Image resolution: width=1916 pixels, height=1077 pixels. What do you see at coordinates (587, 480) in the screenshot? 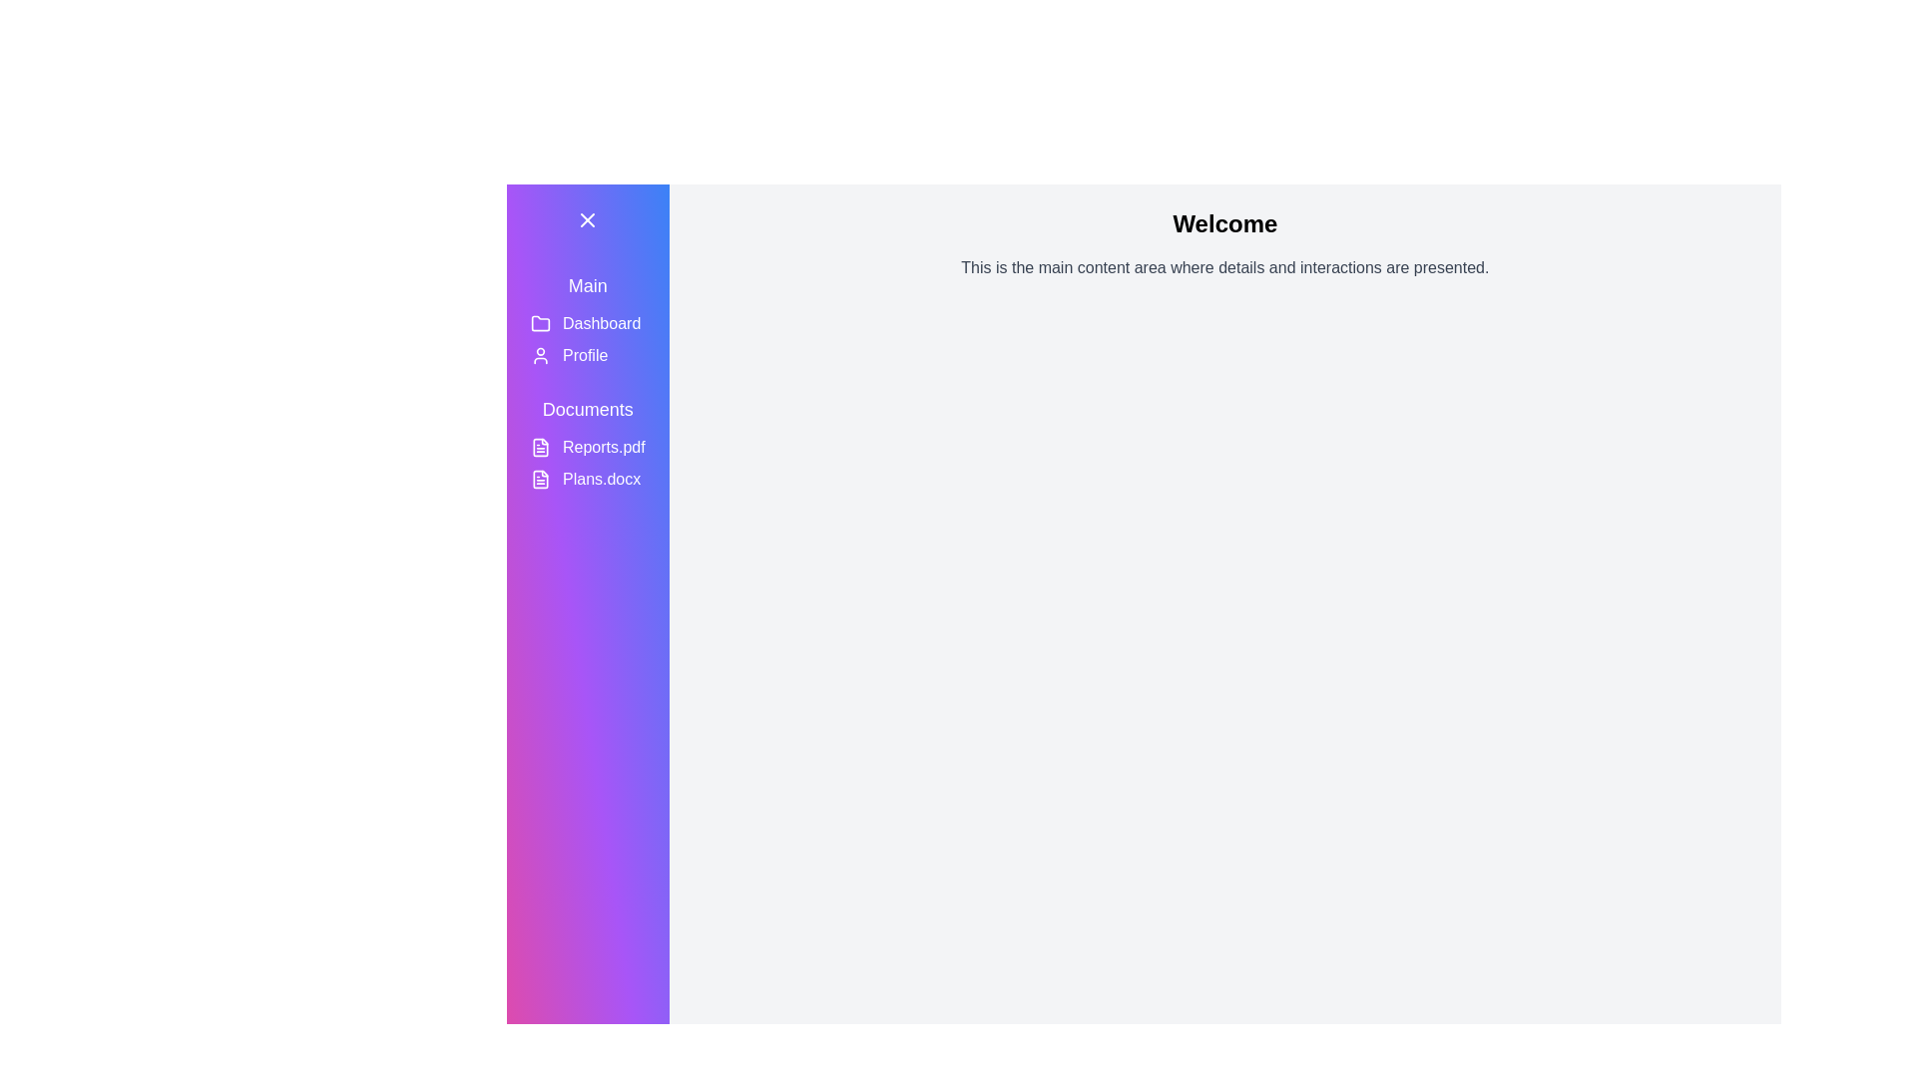
I see `the interactive button styled as a list item that combines an icon of a document and the text 'Plans.docx'` at bounding box center [587, 480].